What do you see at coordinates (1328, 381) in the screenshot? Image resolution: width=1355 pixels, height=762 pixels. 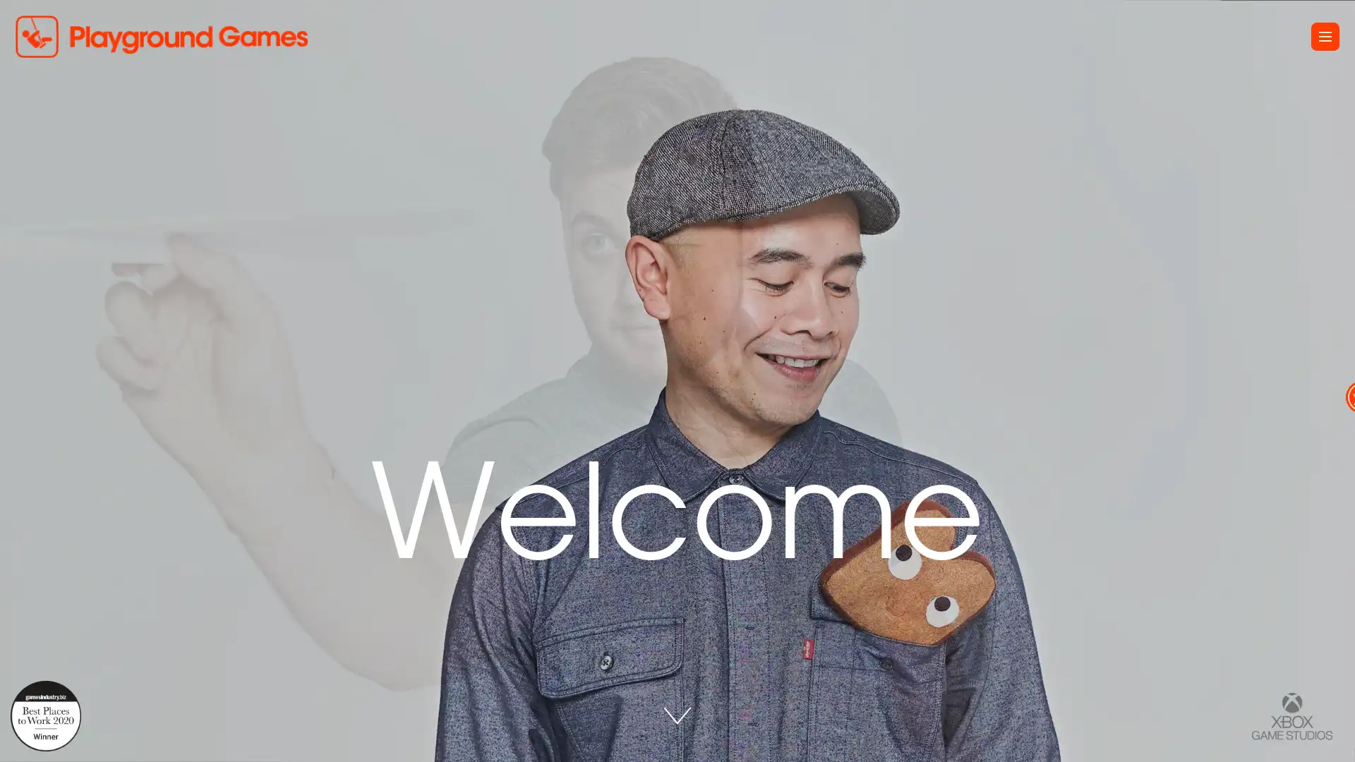 I see `Accessibility Menu` at bounding box center [1328, 381].